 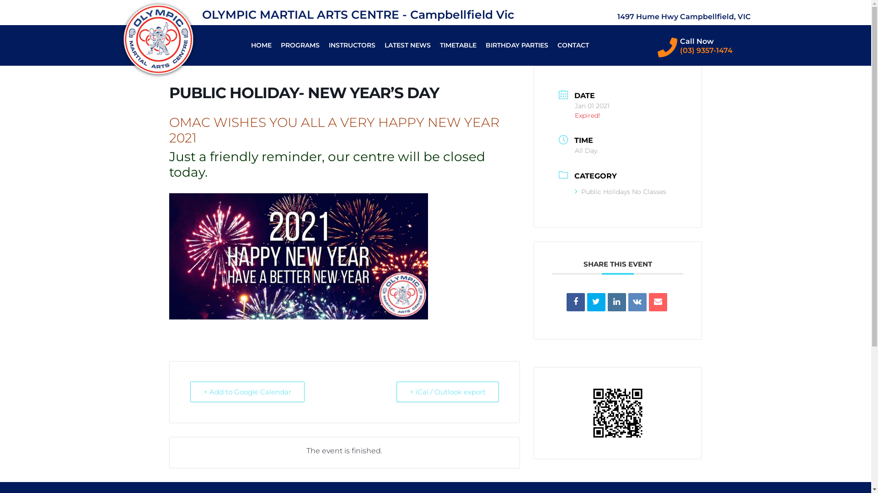 I want to click on '(03) 9357-1474', so click(x=706, y=50).